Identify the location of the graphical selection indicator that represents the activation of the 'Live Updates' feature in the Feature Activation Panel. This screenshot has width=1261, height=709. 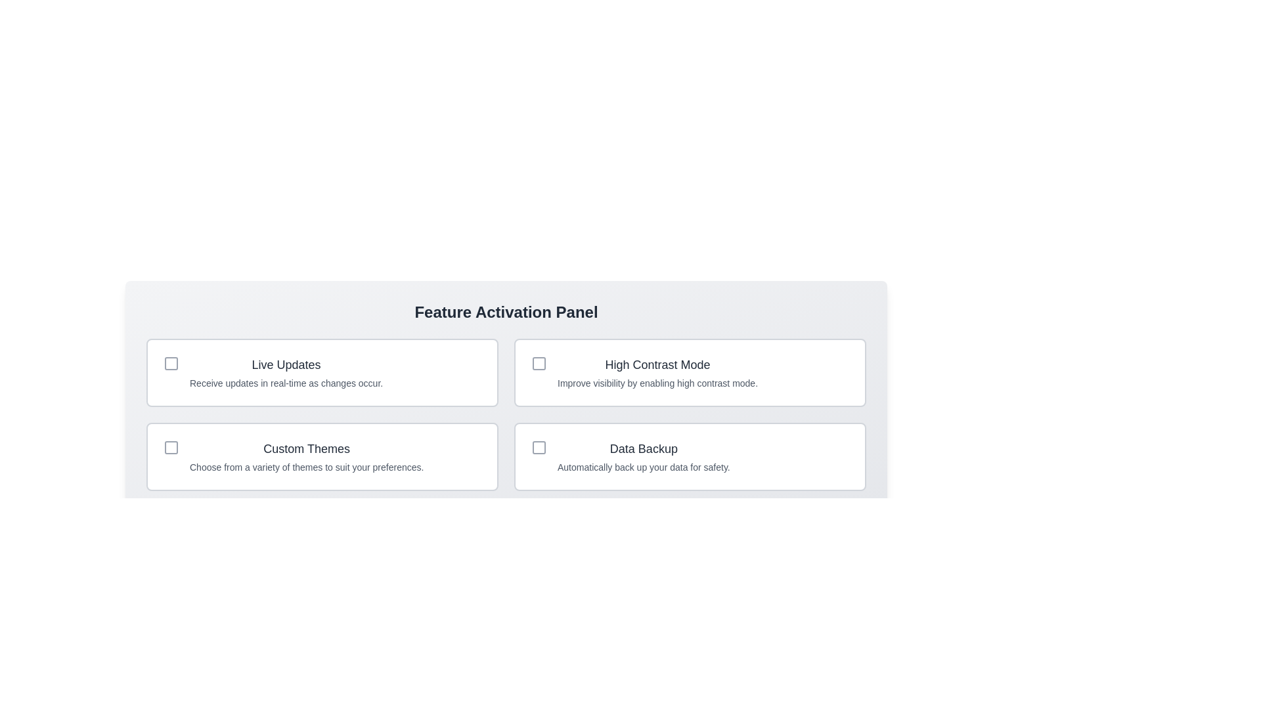
(170, 364).